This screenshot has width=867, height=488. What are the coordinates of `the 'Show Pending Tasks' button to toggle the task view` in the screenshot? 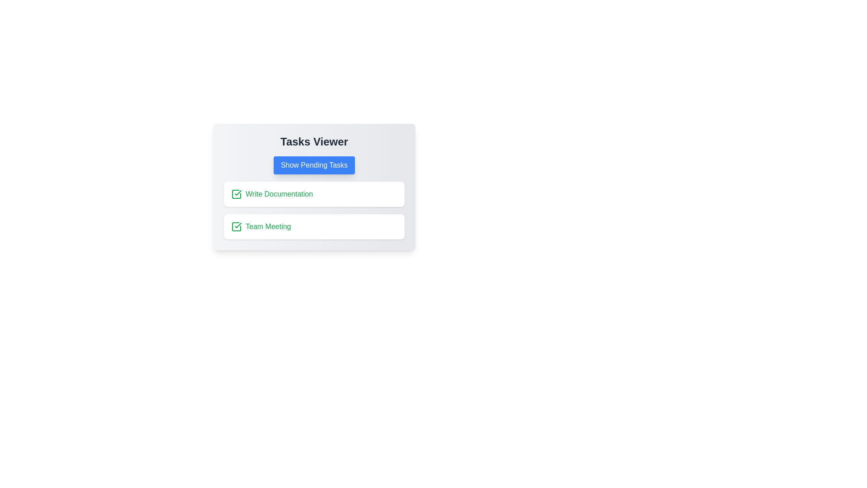 It's located at (314, 165).